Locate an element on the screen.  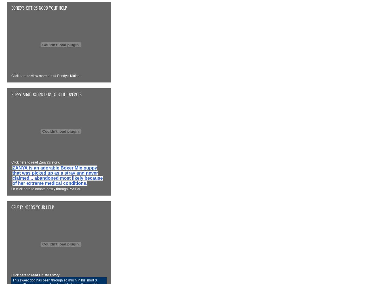
'CRUSTY NEEDS YOUR HELP' is located at coordinates (33, 207).